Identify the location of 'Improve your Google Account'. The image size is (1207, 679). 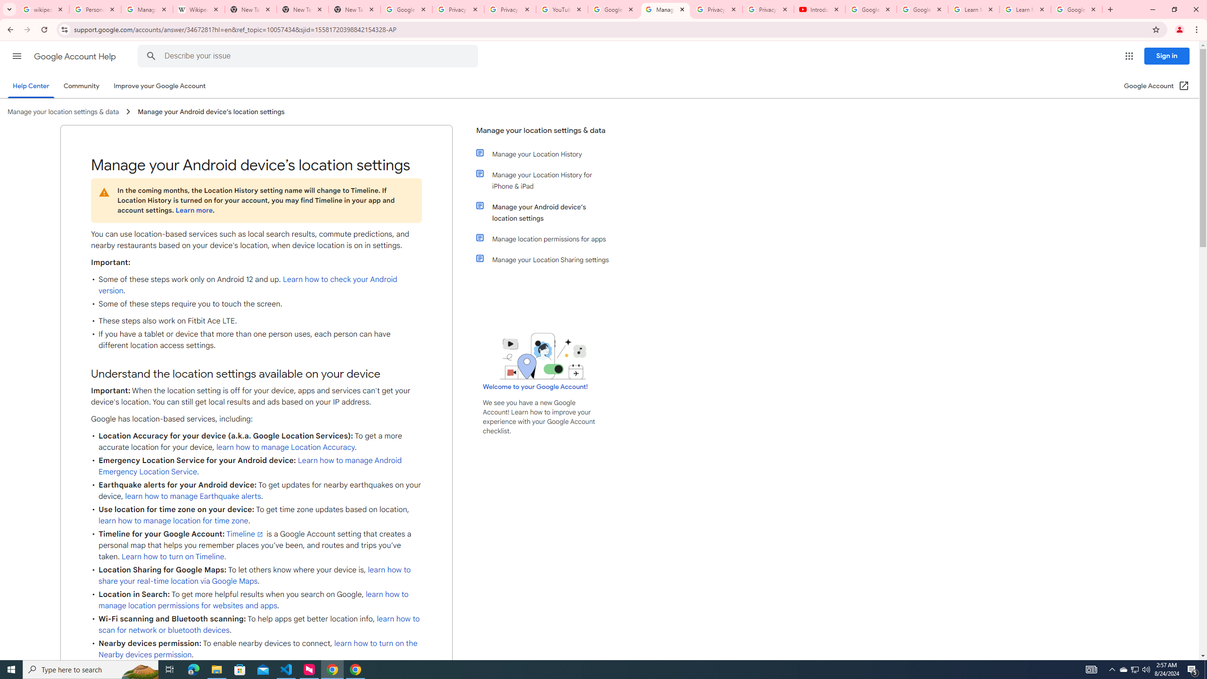
(159, 85).